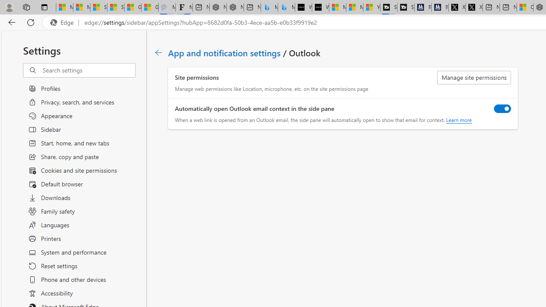 This screenshot has height=307, width=546. I want to click on 'Go back to App and notification settings page.', so click(159, 52).